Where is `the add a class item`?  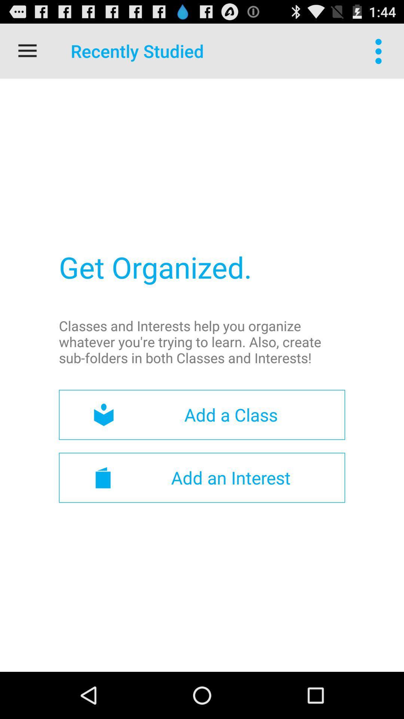 the add a class item is located at coordinates (202, 414).